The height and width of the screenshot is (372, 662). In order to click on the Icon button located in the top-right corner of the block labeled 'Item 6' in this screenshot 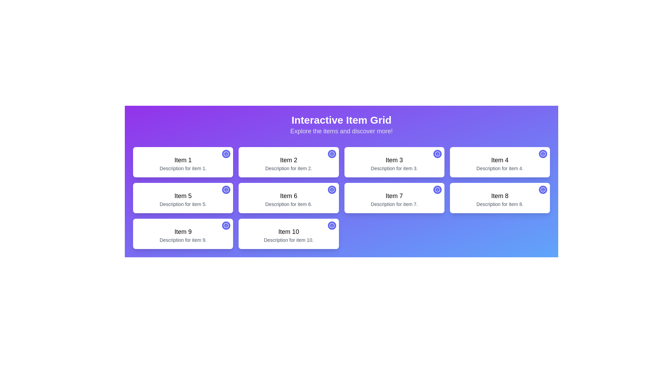, I will do `click(332, 190)`.